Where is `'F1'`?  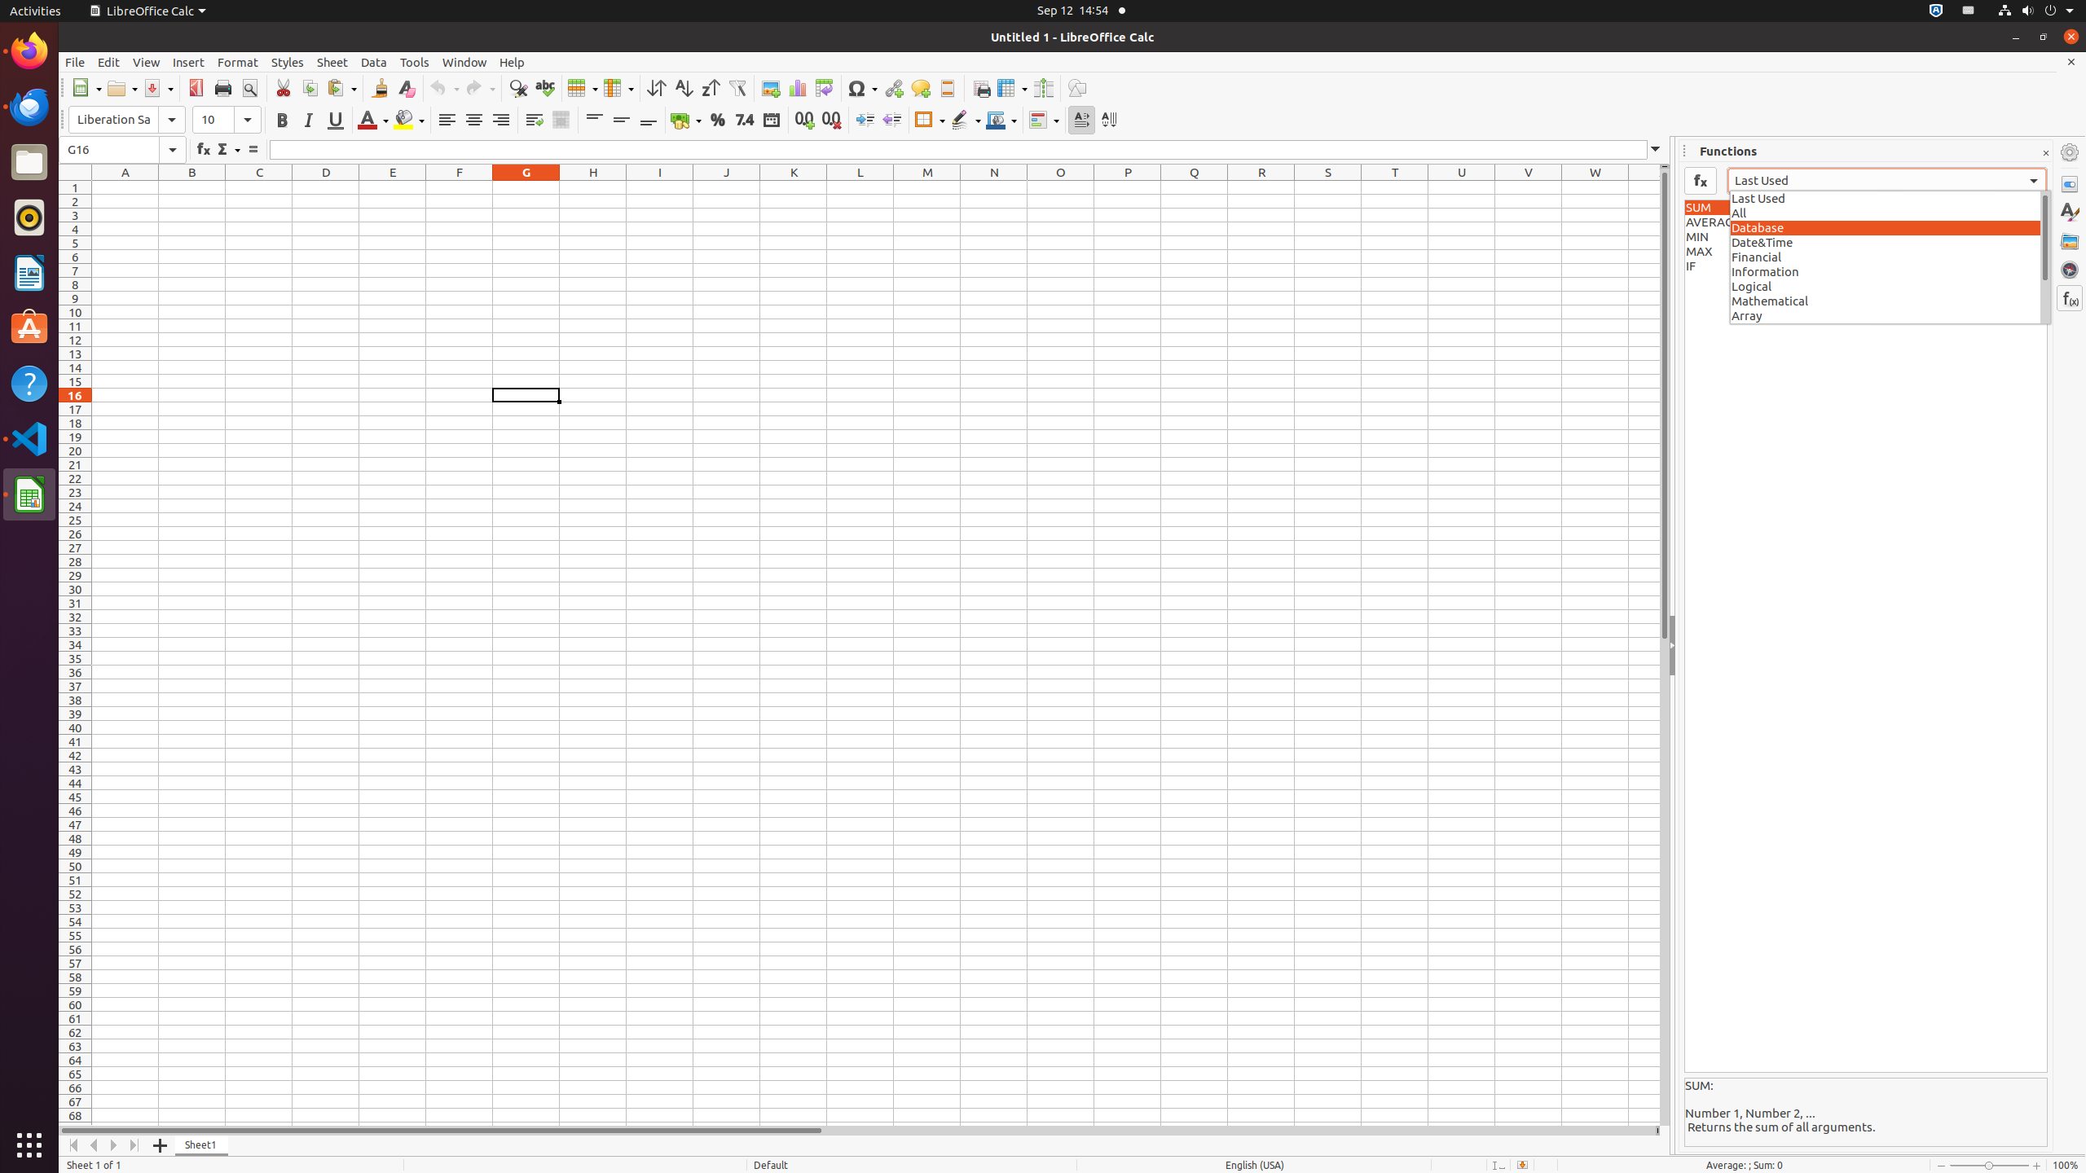 'F1' is located at coordinates (458, 187).